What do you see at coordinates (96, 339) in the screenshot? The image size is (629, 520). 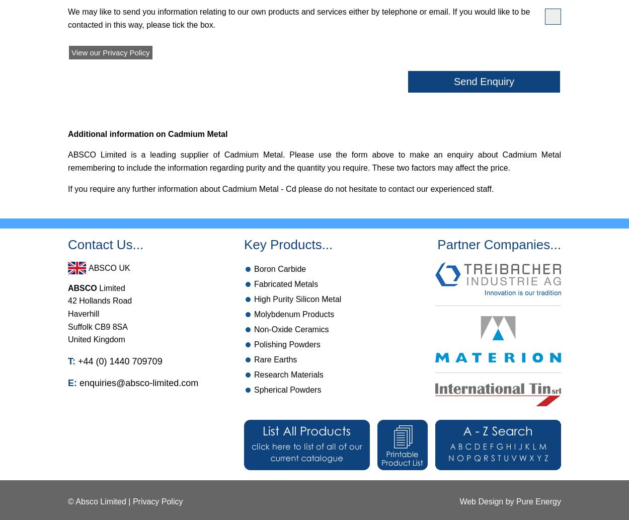 I see `'United Kingdom'` at bounding box center [96, 339].